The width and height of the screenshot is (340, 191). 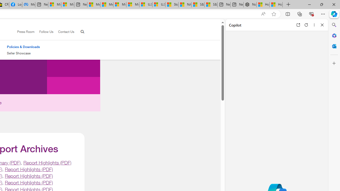 I want to click on 'Outlook', so click(x=334, y=46).